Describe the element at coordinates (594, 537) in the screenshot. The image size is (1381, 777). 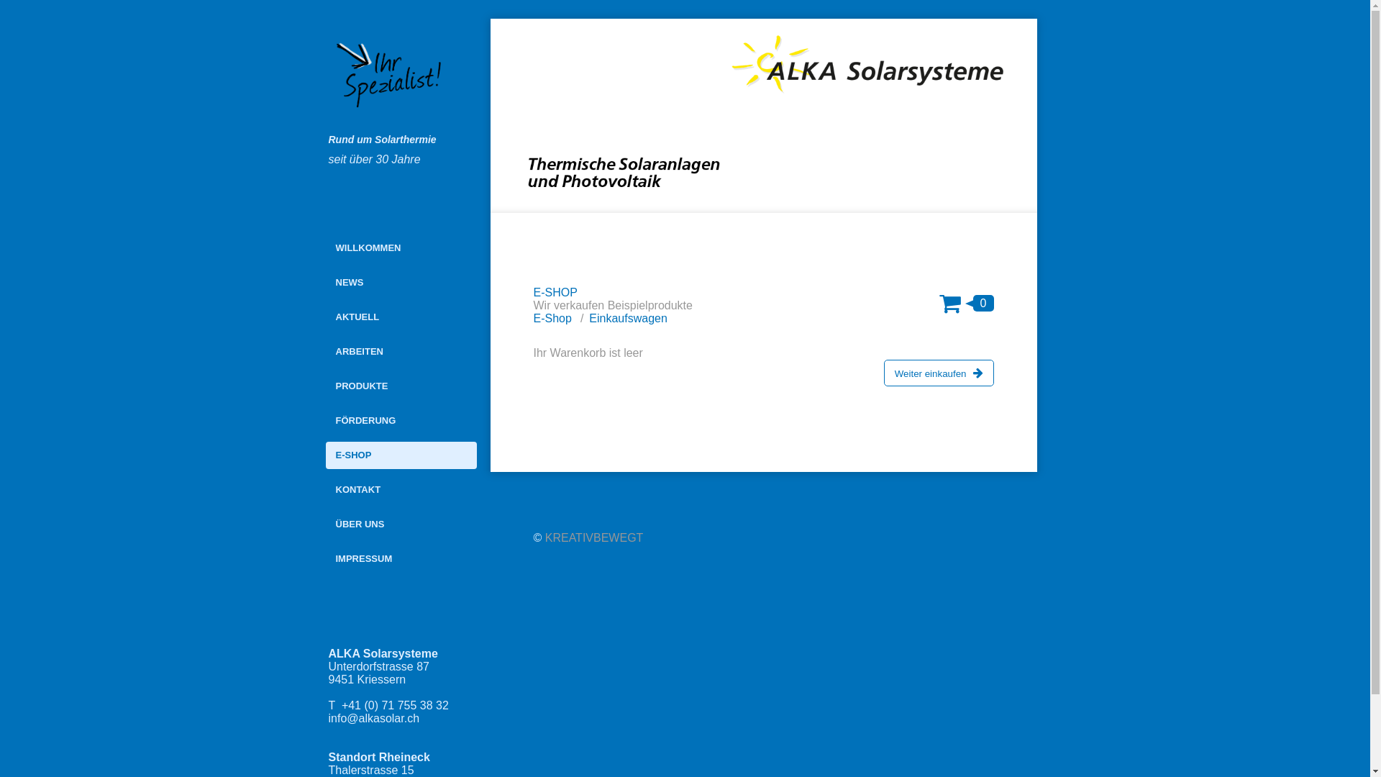
I see `'KREATIVBEWEGT'` at that location.